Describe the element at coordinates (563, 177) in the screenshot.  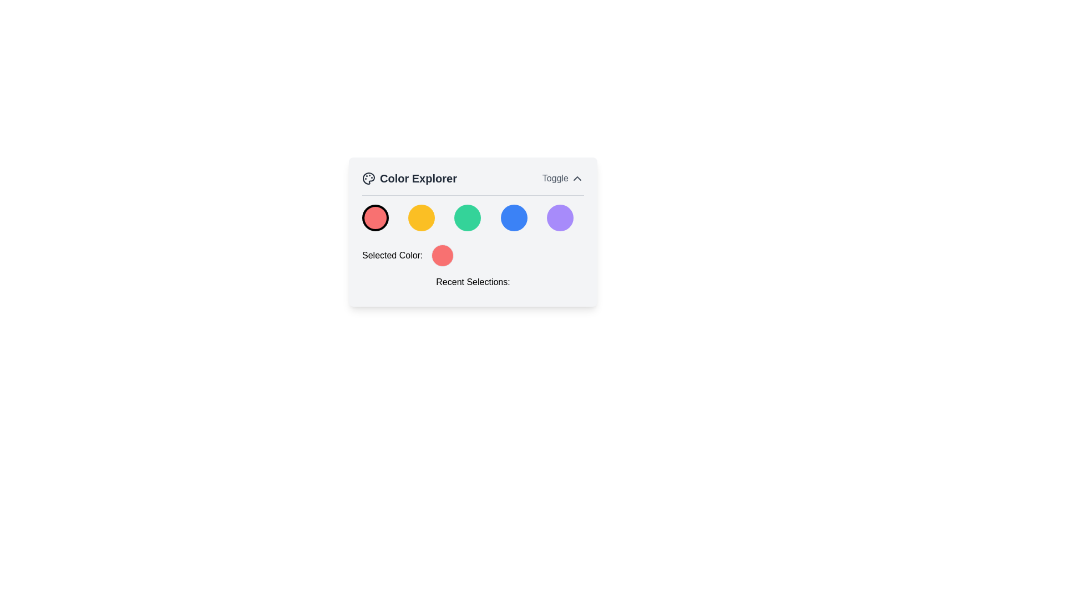
I see `the 'Toggle' button in the top-right corner of the 'Color Explorer' section to change the text color` at that location.